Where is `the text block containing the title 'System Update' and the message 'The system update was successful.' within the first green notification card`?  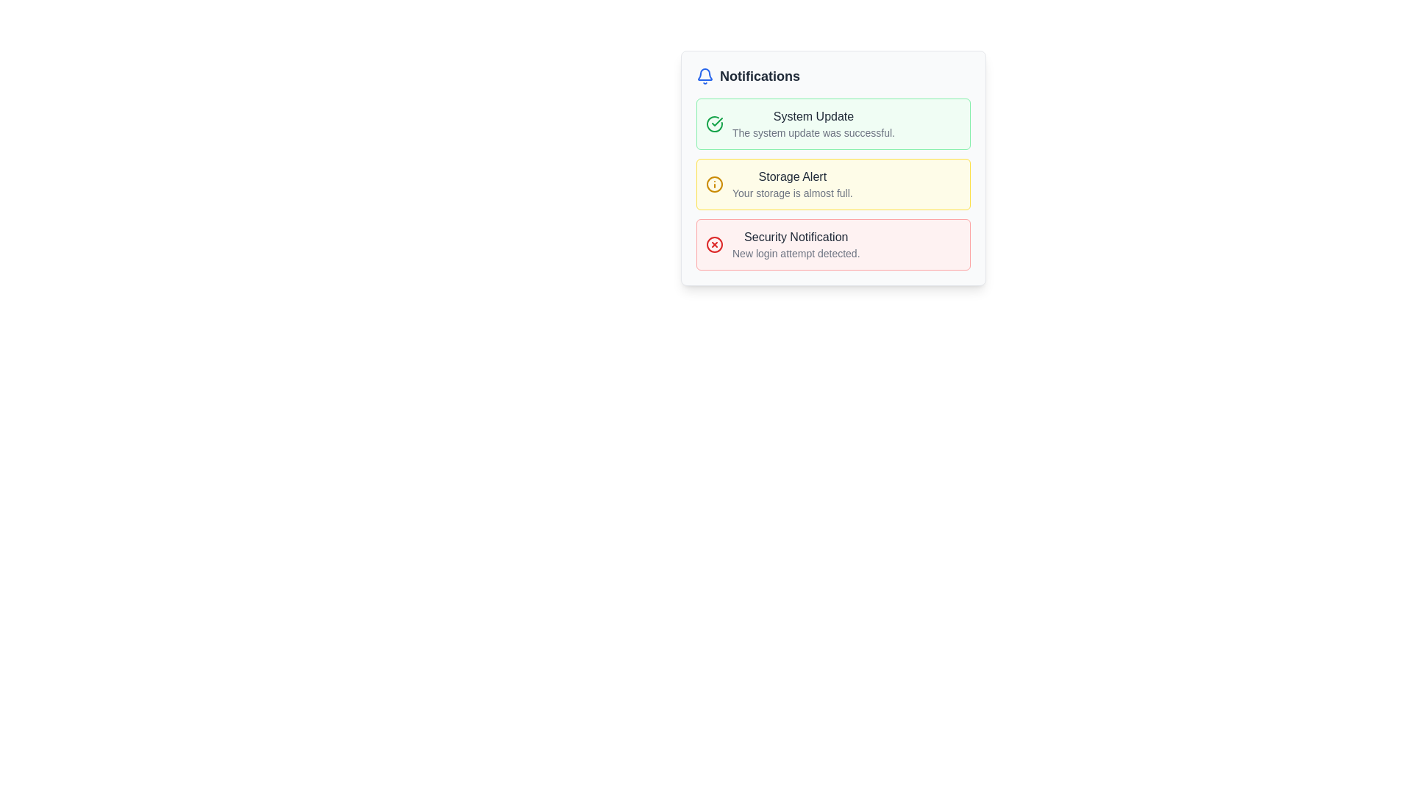 the text block containing the title 'System Update' and the message 'The system update was successful.' within the first green notification card is located at coordinates (813, 124).